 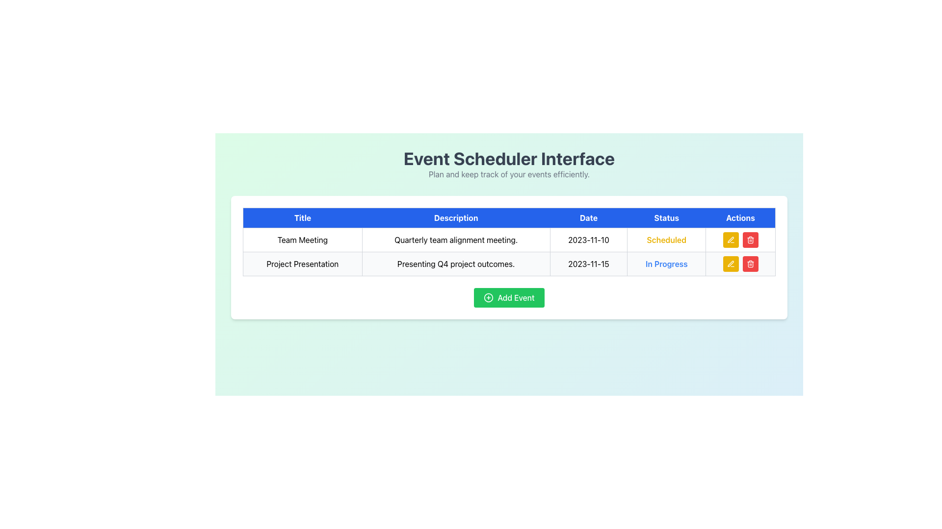 What do you see at coordinates (302, 264) in the screenshot?
I see `the text label displaying 'Project Presentation' located in the second row under the 'Title' column of the table` at bounding box center [302, 264].